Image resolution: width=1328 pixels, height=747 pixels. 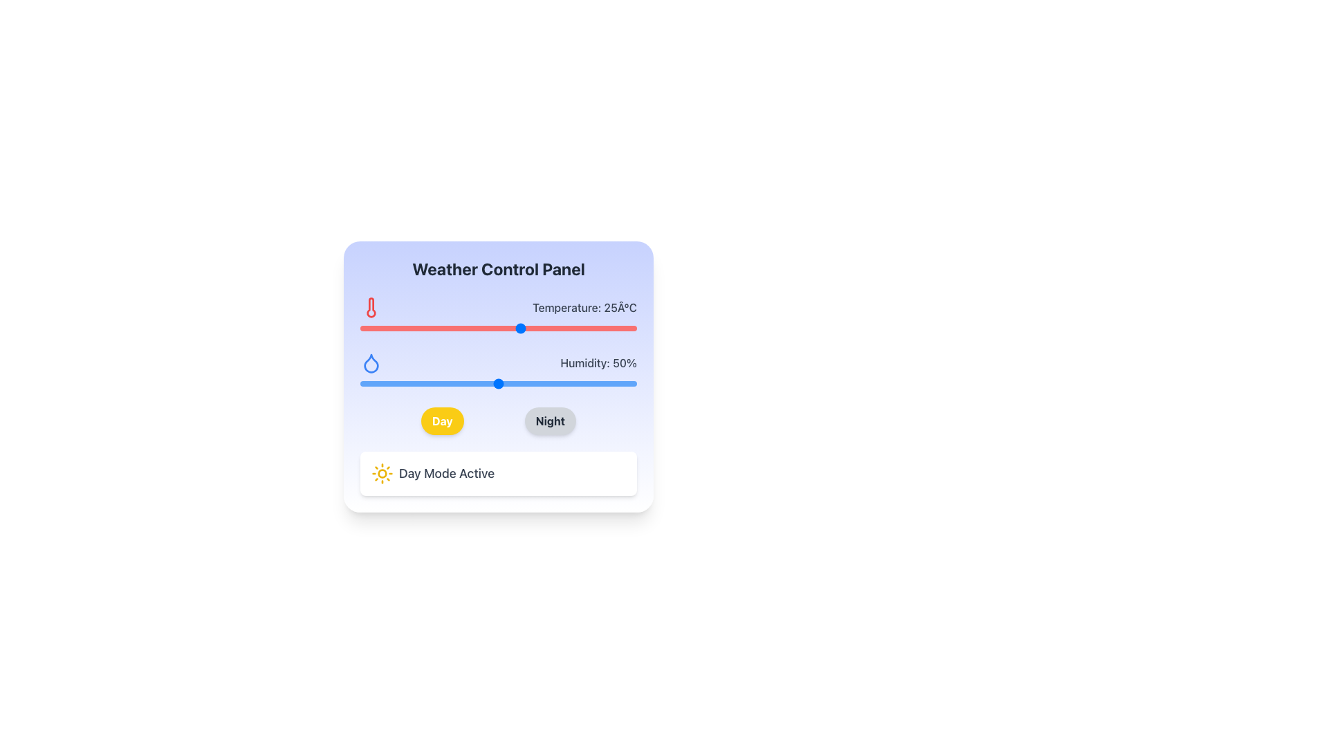 What do you see at coordinates (523, 384) in the screenshot?
I see `humidity level` at bounding box center [523, 384].